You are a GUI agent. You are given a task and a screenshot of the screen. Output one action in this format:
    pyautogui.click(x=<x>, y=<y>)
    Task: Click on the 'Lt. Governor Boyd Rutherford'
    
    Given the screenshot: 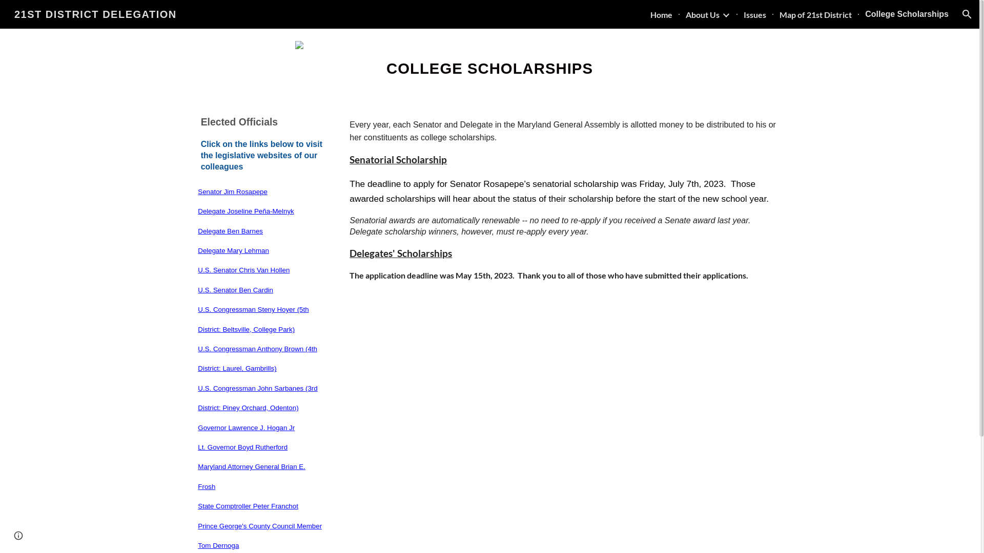 What is the action you would take?
    pyautogui.click(x=242, y=446)
    